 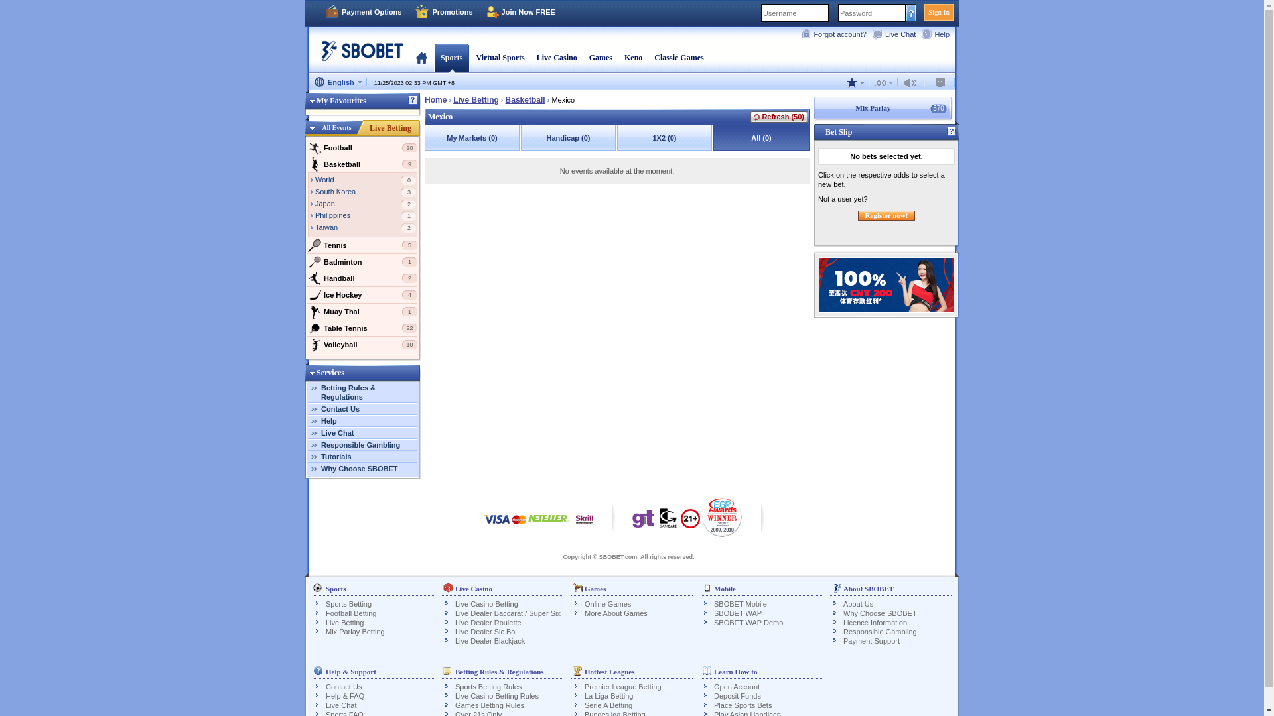 I want to click on 'Unavailable option', so click(x=912, y=82).